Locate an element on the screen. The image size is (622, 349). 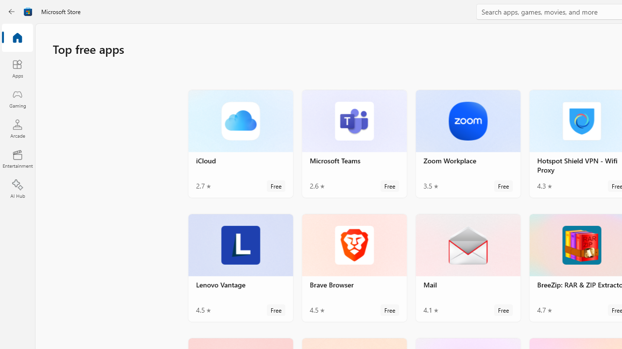
'Entertainment' is located at coordinates (17, 158).